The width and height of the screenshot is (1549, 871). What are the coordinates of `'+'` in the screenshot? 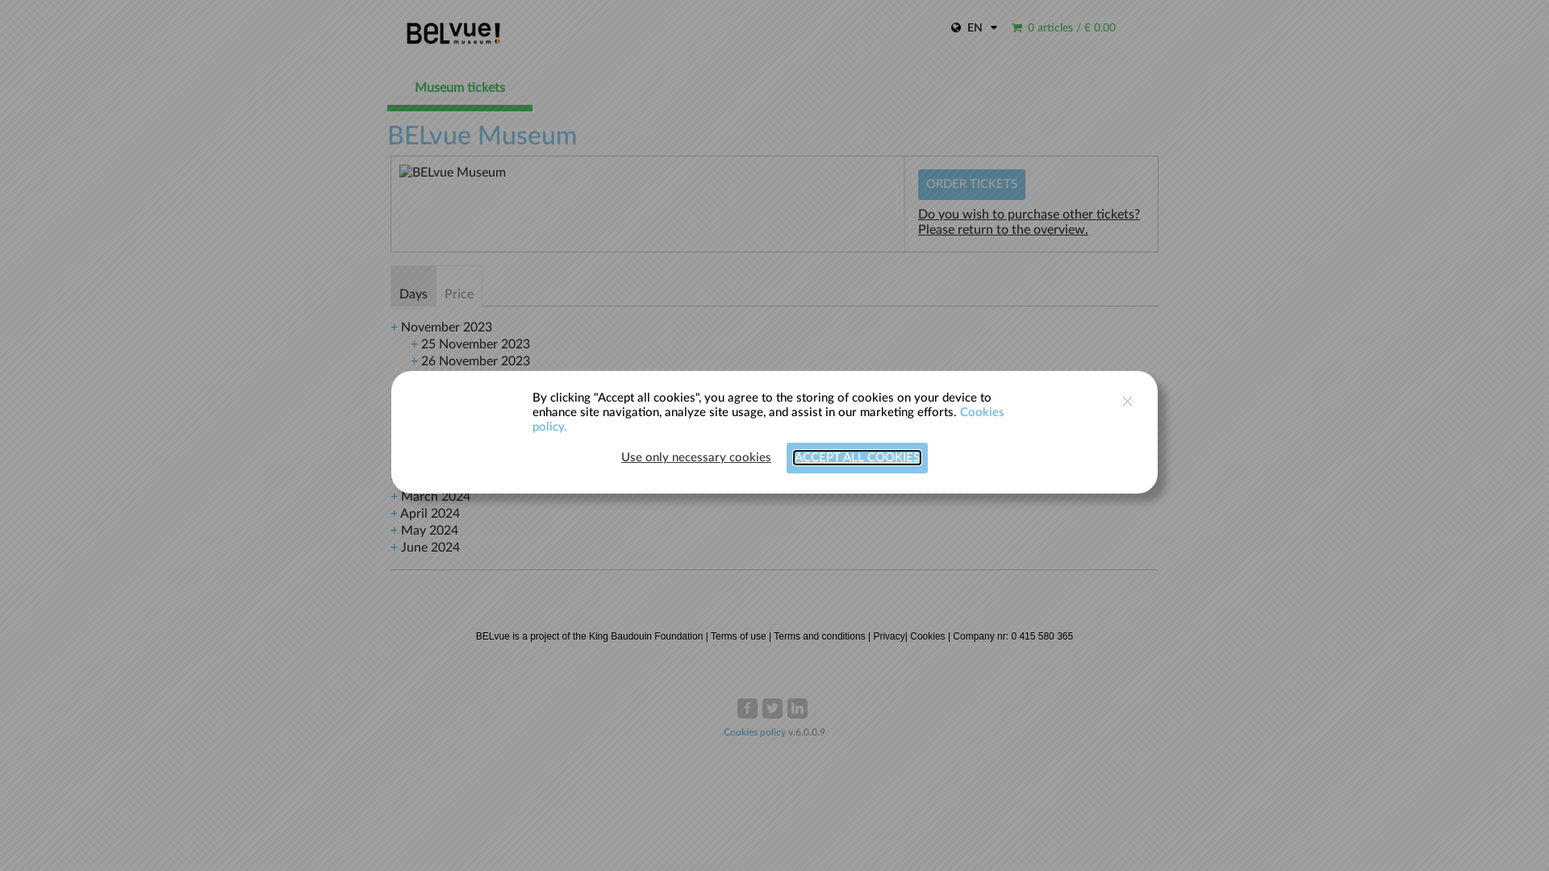 It's located at (414, 344).